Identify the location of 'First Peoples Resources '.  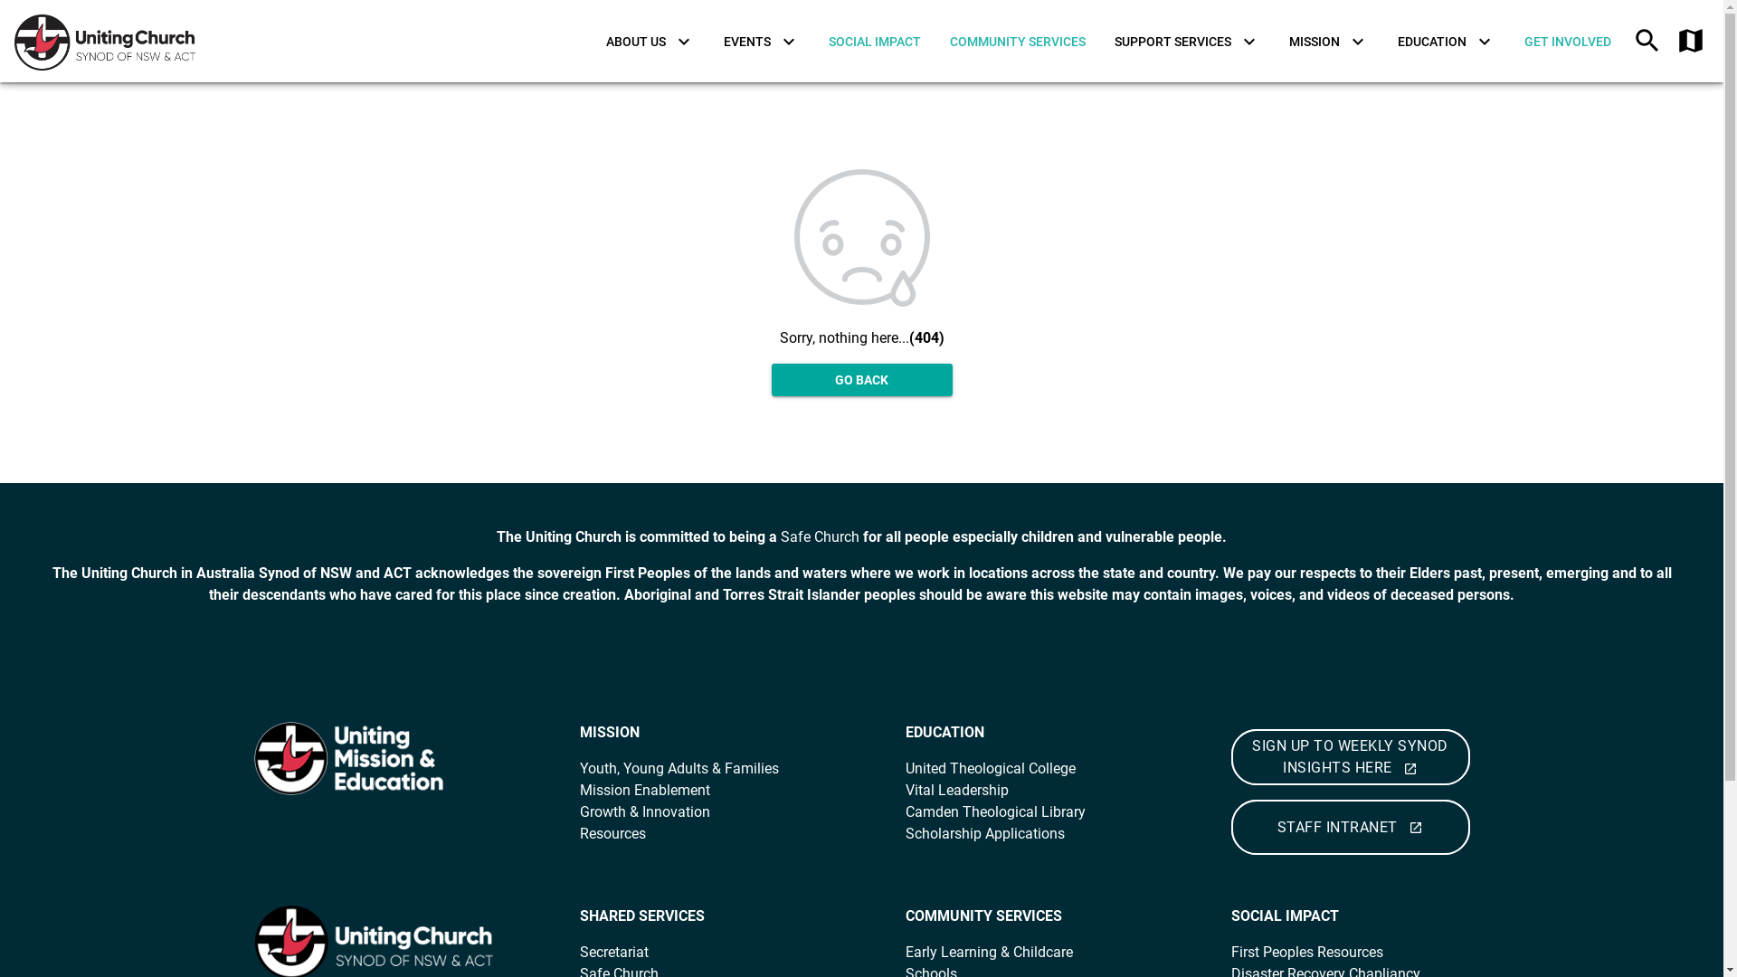
(1229, 951).